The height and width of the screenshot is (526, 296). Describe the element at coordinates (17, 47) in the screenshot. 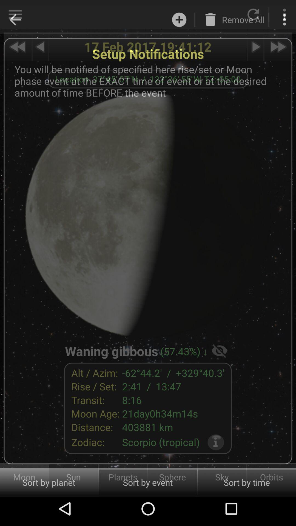

I see `the av_rewind icon` at that location.